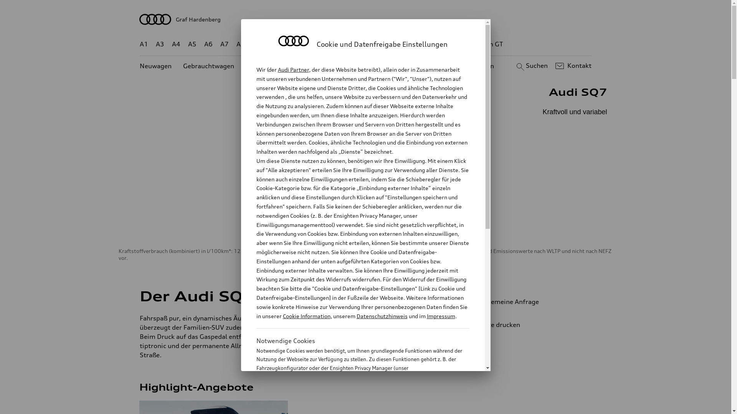  What do you see at coordinates (327, 44) in the screenshot?
I see `'Q5'` at bounding box center [327, 44].